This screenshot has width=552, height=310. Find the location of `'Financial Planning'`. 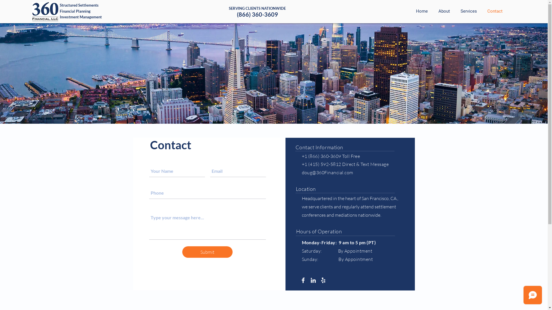

'Financial Planning' is located at coordinates (60, 11).